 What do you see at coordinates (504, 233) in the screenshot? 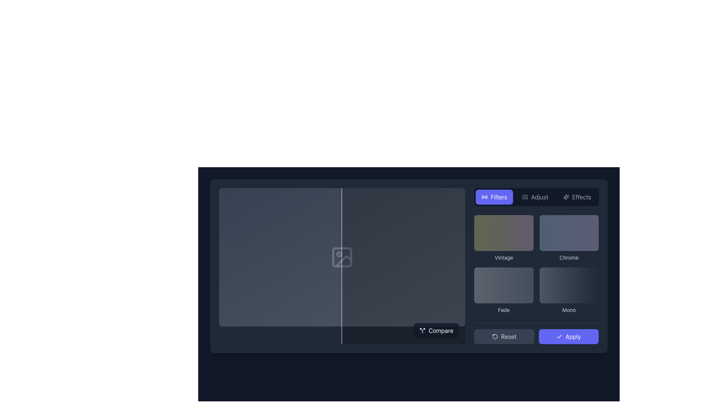
I see `the rectangular button with a subtle gradient background transitioning from soft yellow to light pink, located under the 'Filters' category in the 'Vintage' section` at bounding box center [504, 233].